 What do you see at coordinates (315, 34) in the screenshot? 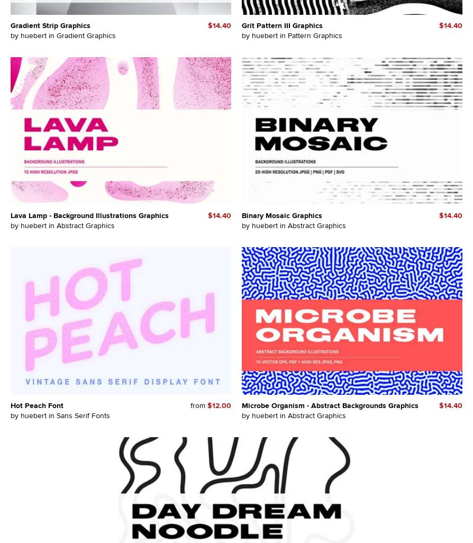
I see `'Pattern Graphics'` at bounding box center [315, 34].